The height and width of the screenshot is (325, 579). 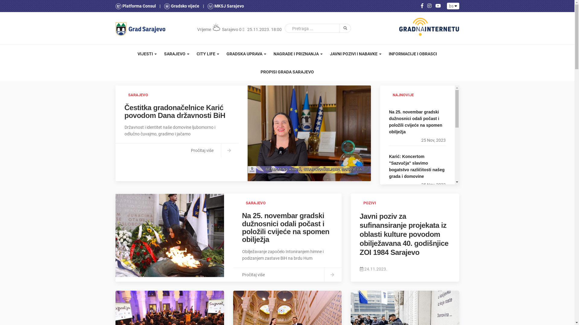 I want to click on 'MKSJ Sarajevo', so click(x=225, y=6).